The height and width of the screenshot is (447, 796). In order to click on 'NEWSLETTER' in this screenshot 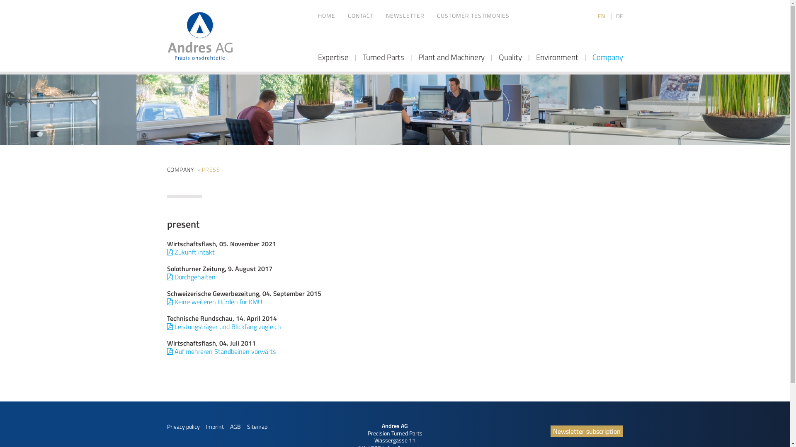, I will do `click(405, 16)`.